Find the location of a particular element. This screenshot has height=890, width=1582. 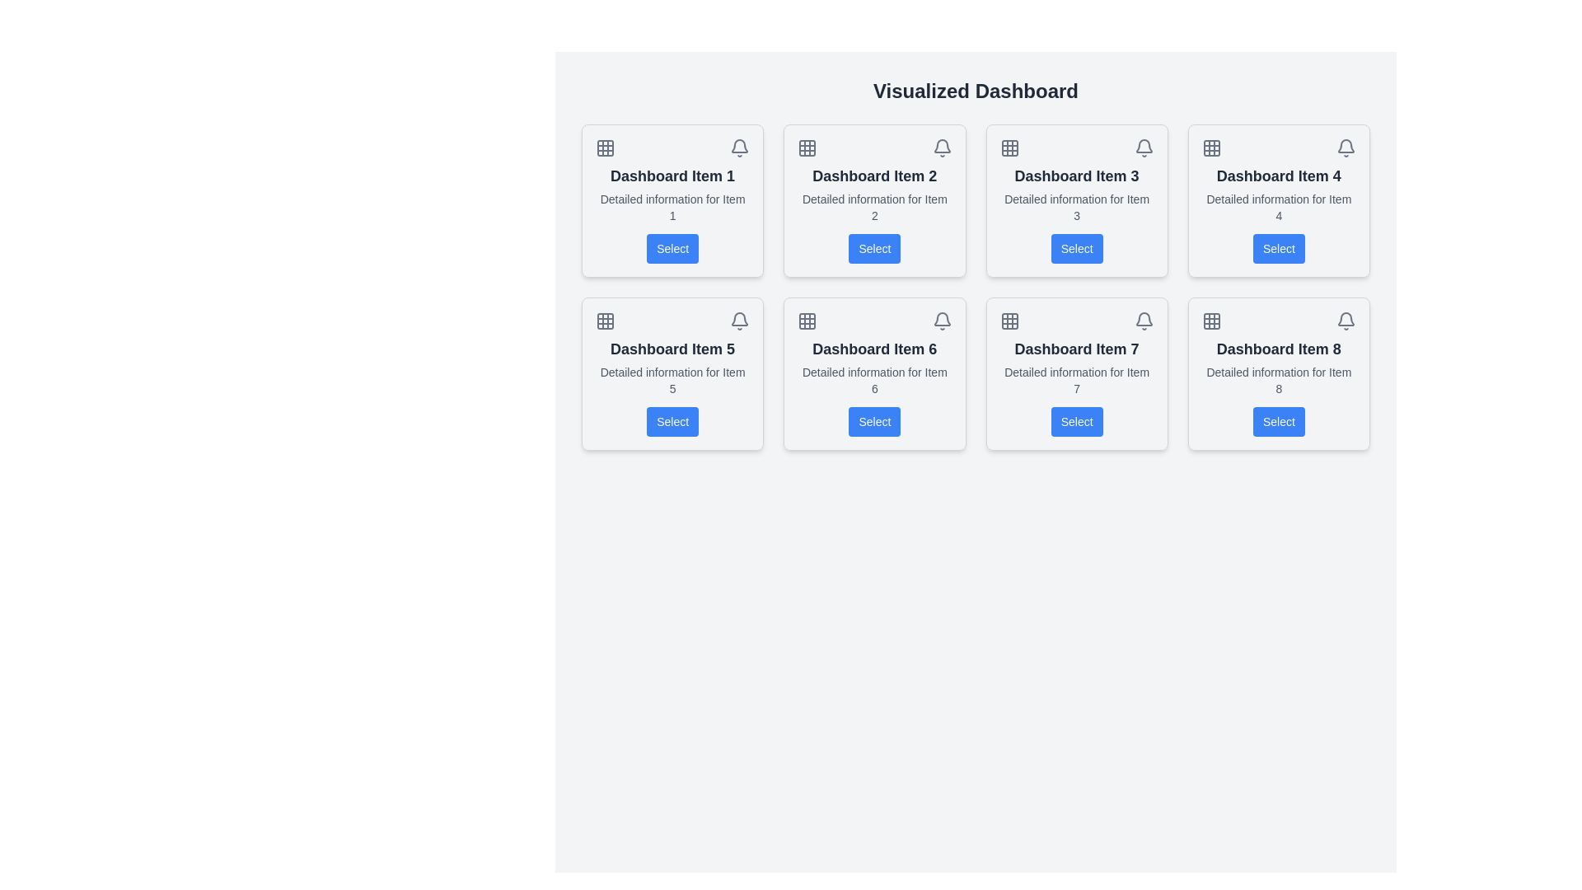

the bell icon located in the top-right corner of 'Dashboard Item 4' to interact with notifications is located at coordinates (1346, 148).